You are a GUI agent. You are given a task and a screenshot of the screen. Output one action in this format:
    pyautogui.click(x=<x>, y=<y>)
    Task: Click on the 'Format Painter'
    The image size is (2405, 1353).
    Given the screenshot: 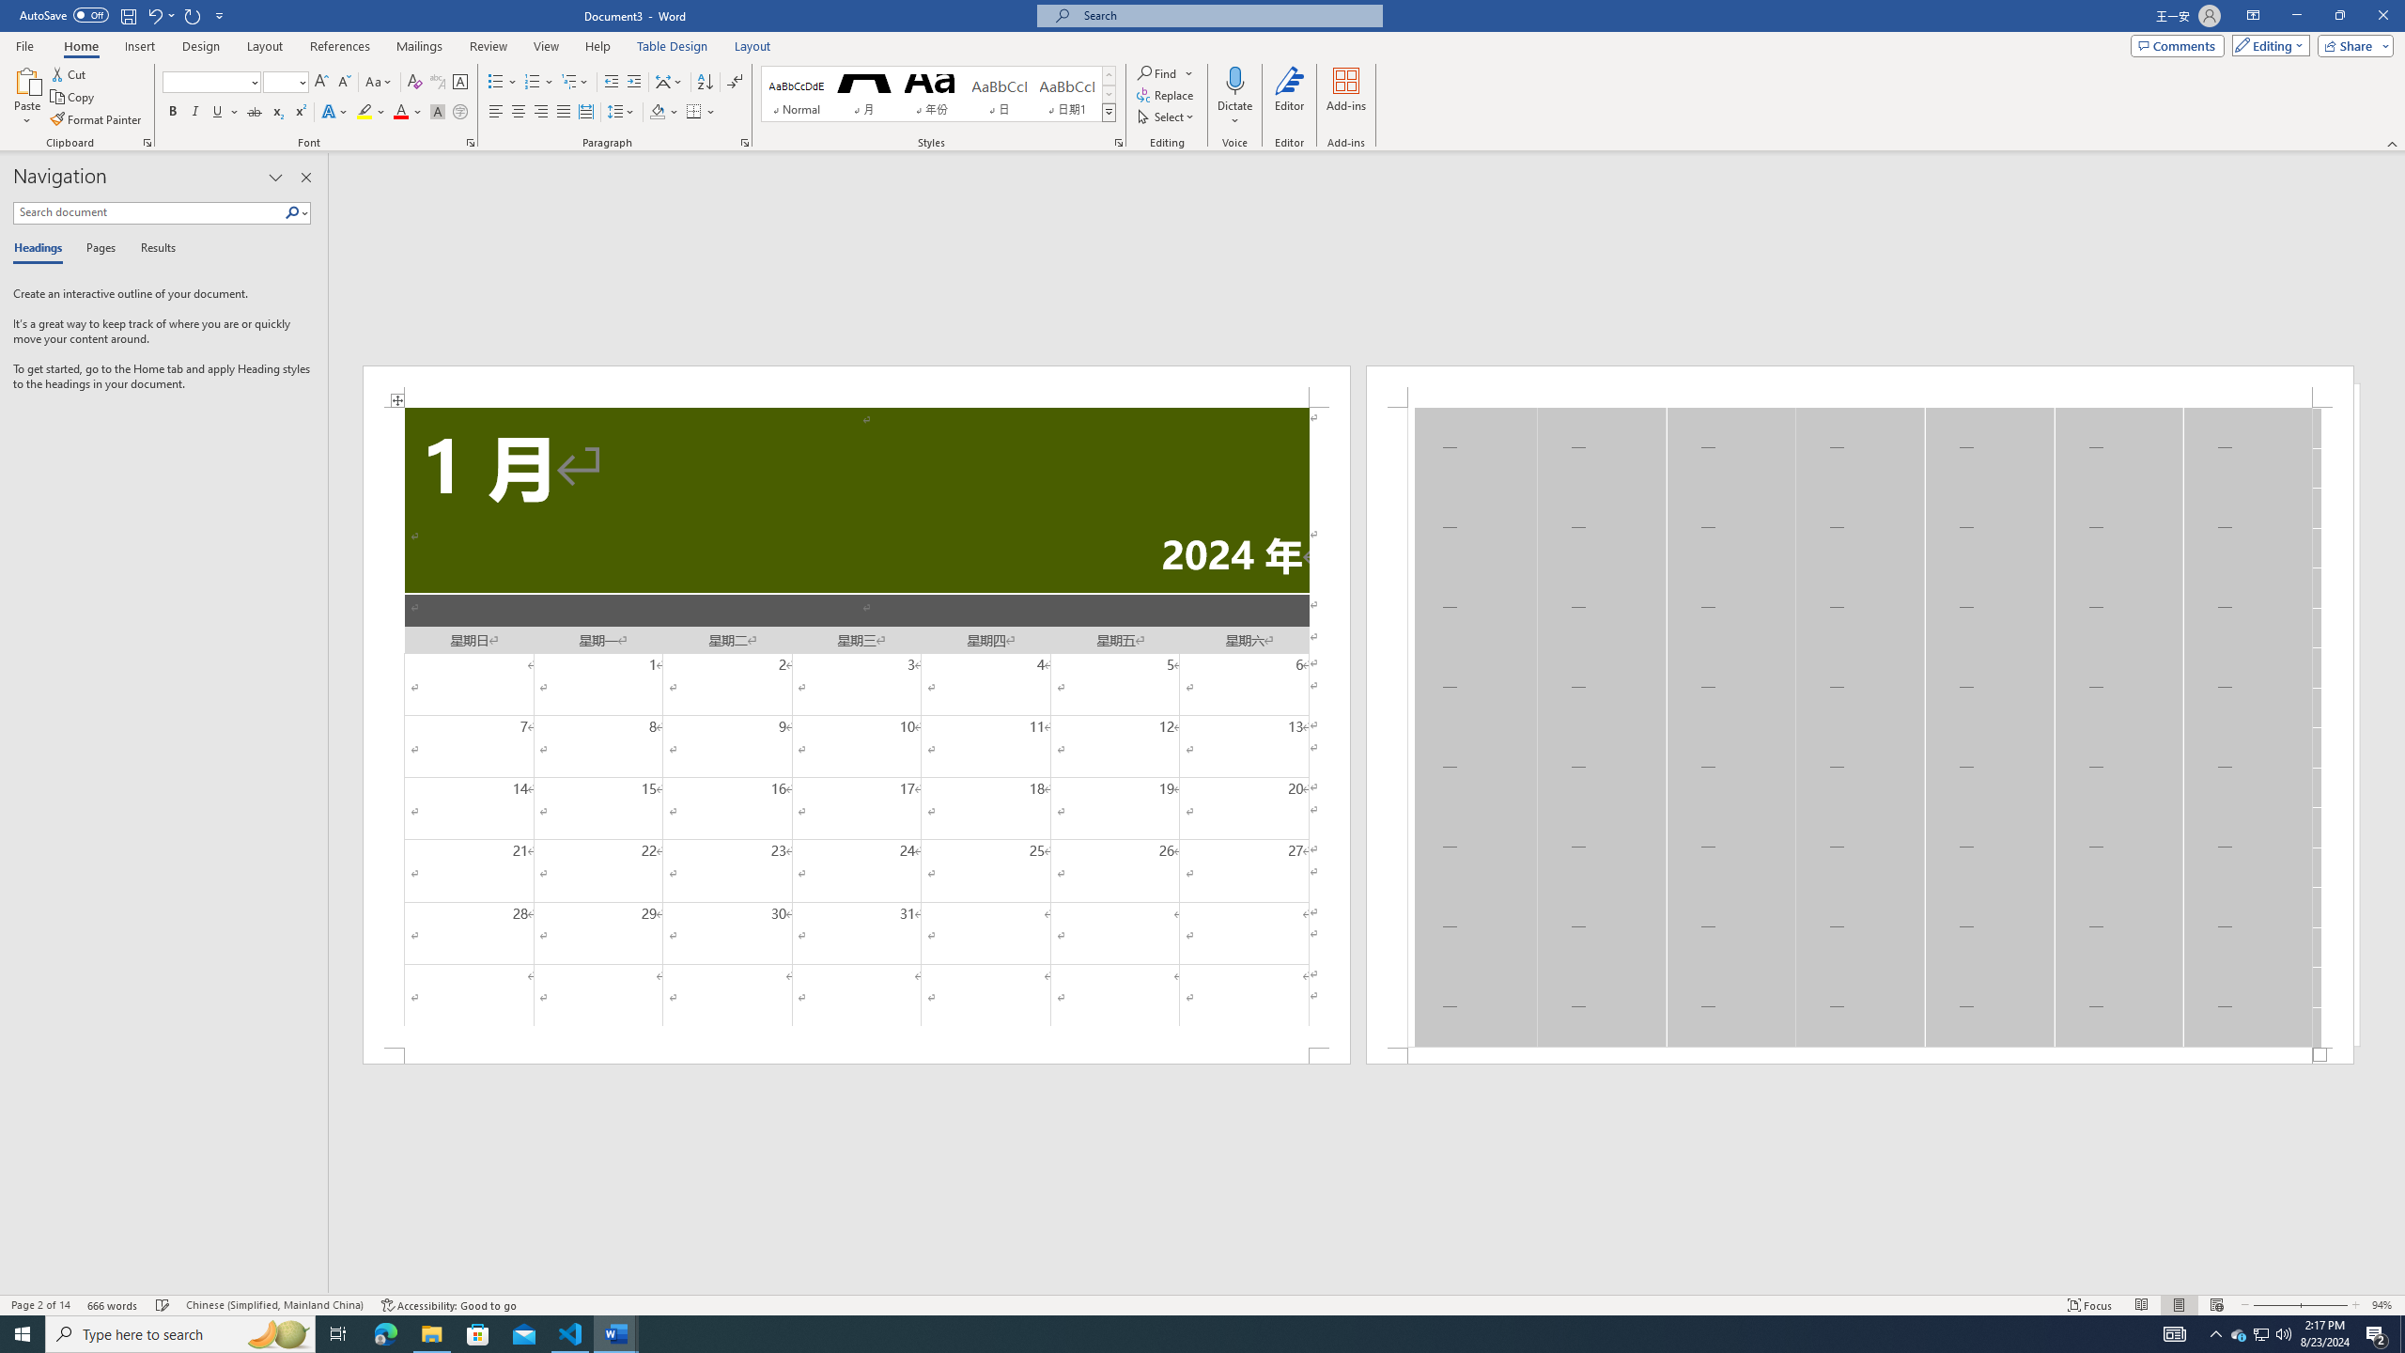 What is the action you would take?
    pyautogui.click(x=96, y=119)
    